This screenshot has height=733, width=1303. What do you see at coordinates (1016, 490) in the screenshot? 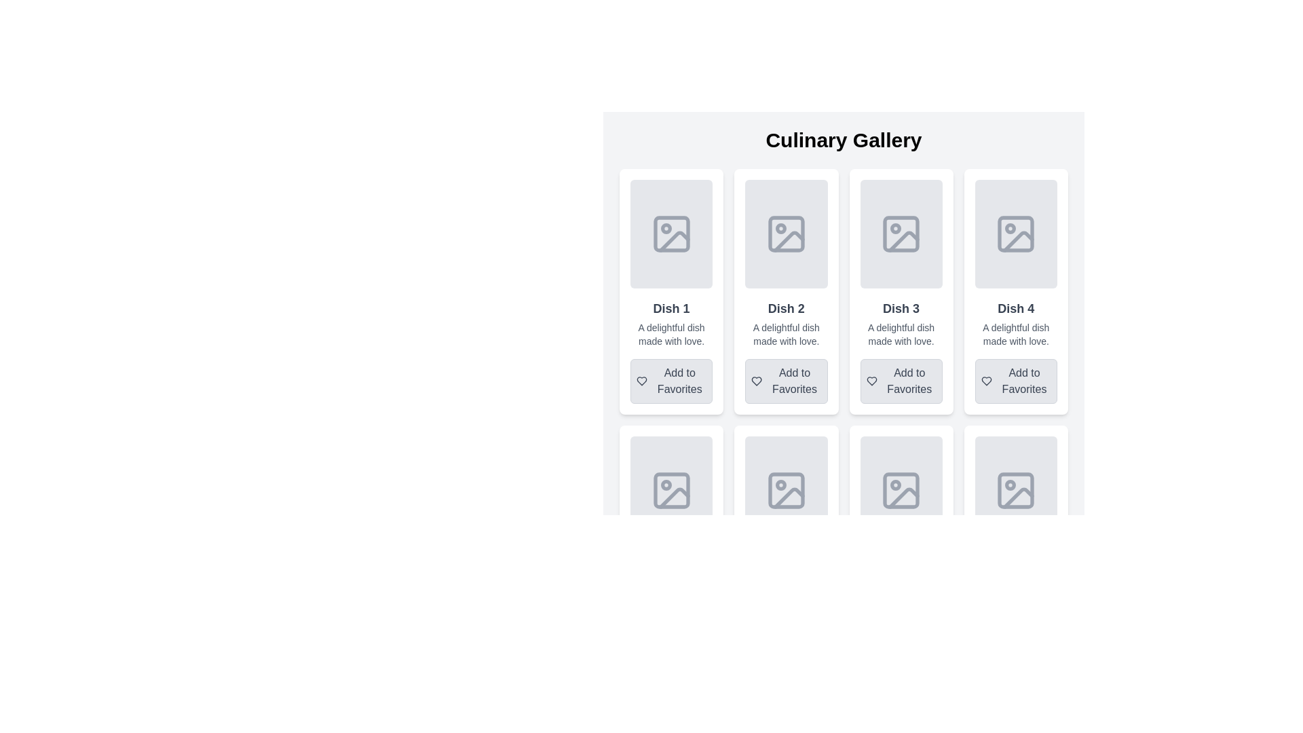
I see `the decorative rectangle that serves as a background frame for the image placeholder icon located at the bottom-right corner of the first card in the second row of a grid layout` at bounding box center [1016, 490].